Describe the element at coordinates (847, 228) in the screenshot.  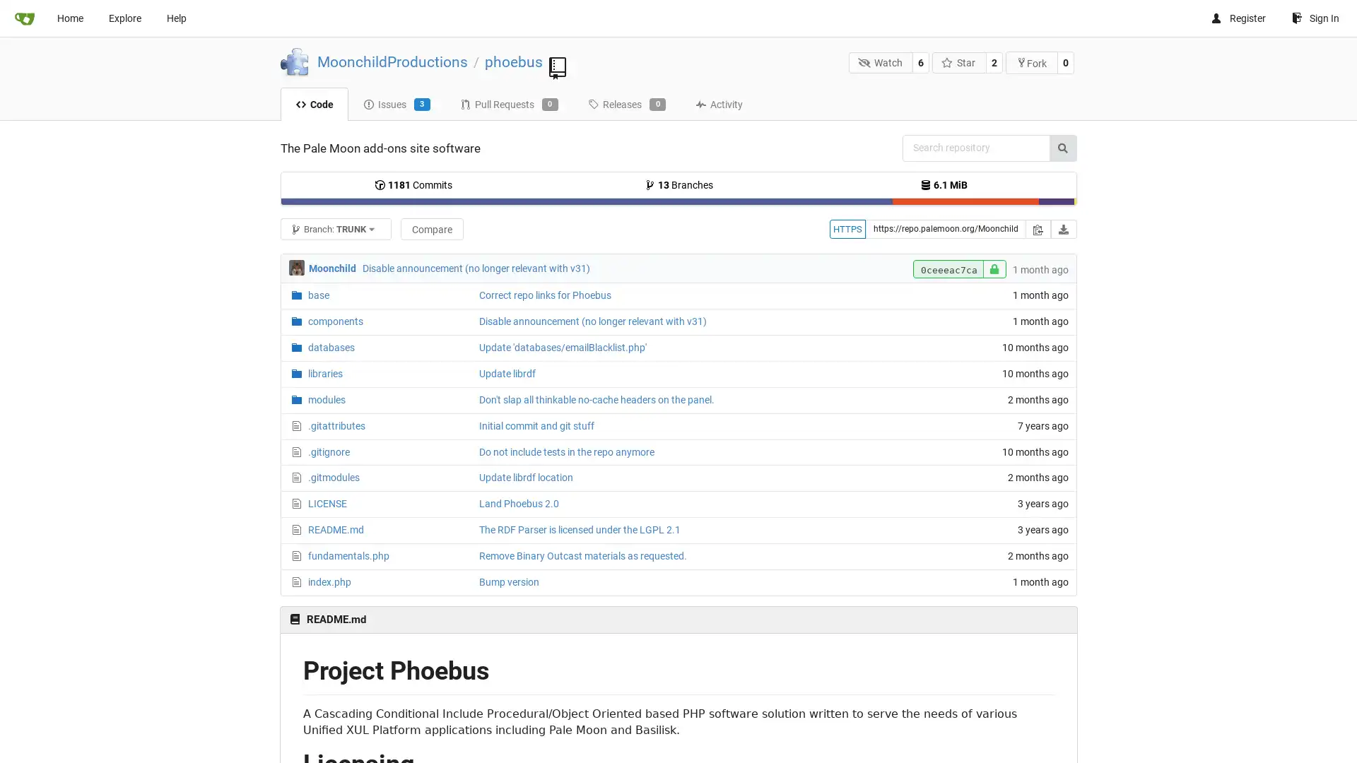
I see `HTTPS` at that location.